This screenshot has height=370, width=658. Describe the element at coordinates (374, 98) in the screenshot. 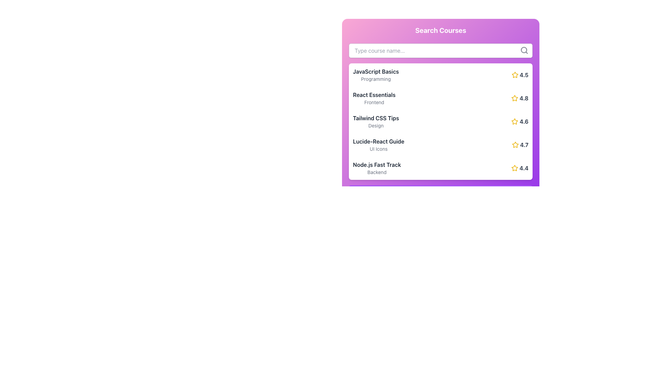

I see `the Text Label displaying the title 'React Essentials' and subtitle 'Frontend' located in the second row under 'Search Courses'` at that location.